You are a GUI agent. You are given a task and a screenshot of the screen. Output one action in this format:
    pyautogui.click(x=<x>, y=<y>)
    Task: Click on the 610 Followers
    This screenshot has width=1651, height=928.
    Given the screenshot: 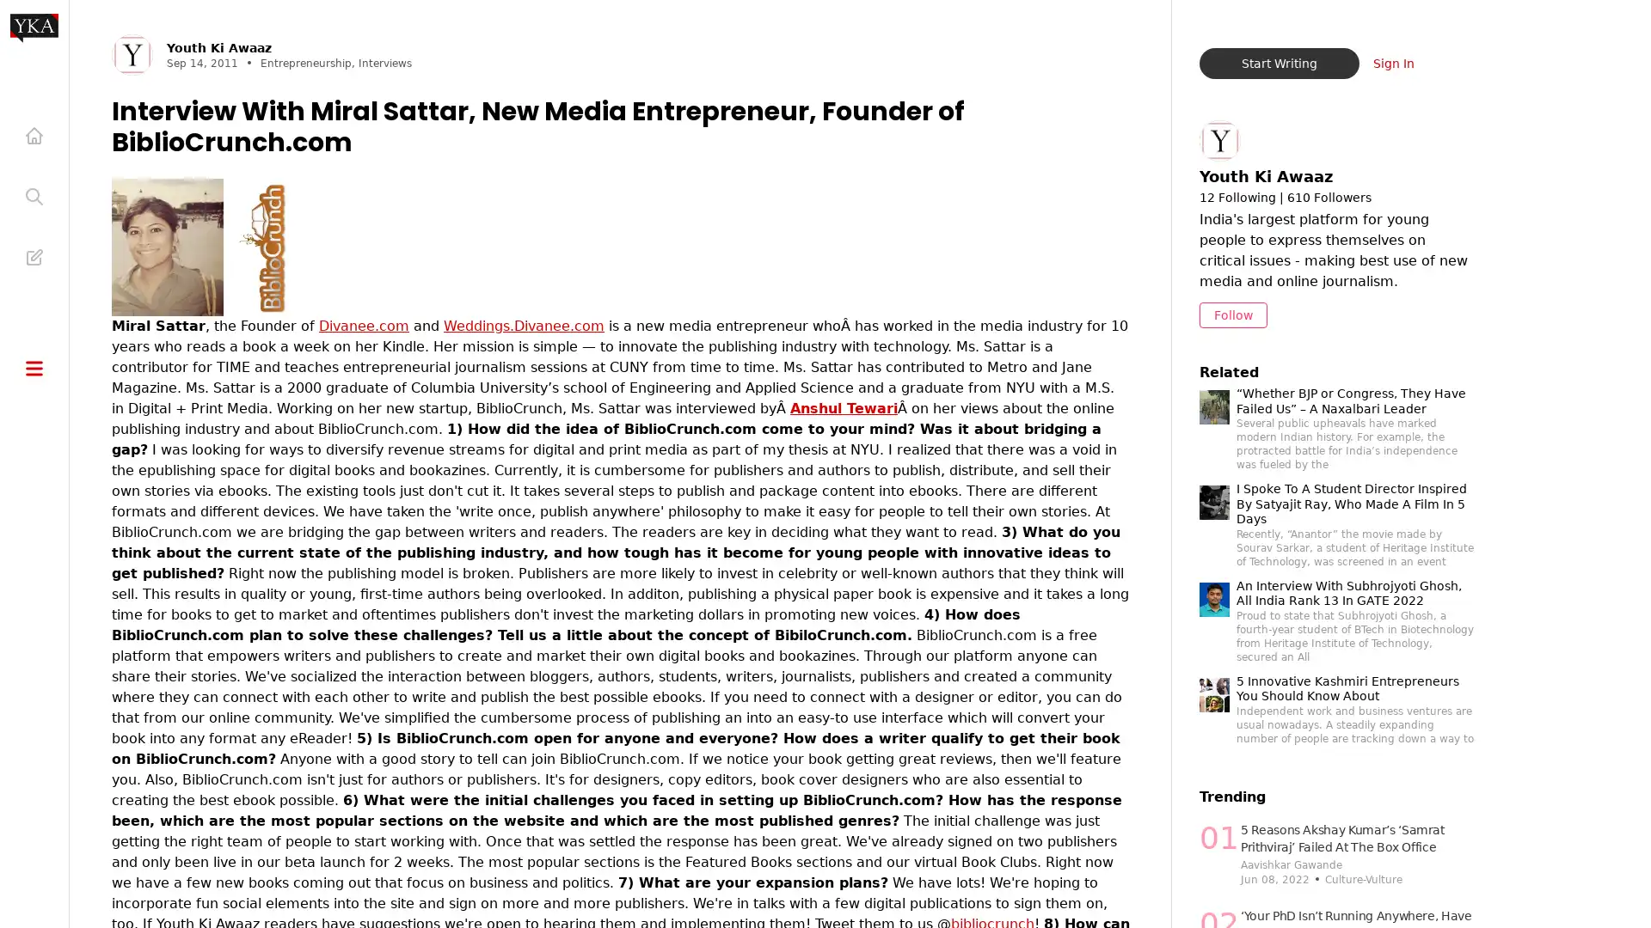 What is the action you would take?
    pyautogui.click(x=1328, y=197)
    